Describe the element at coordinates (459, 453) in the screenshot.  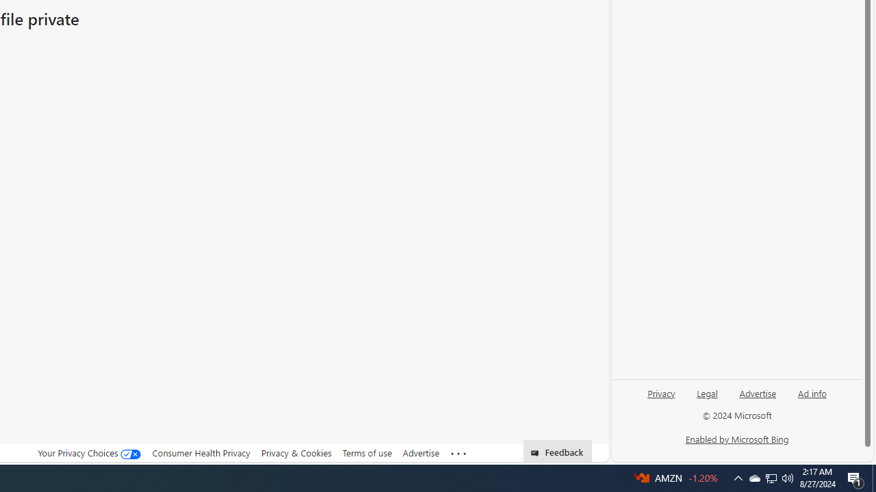
I see `'Class: oneFooter_seeMore-DS-EntryPoint1-1'` at that location.